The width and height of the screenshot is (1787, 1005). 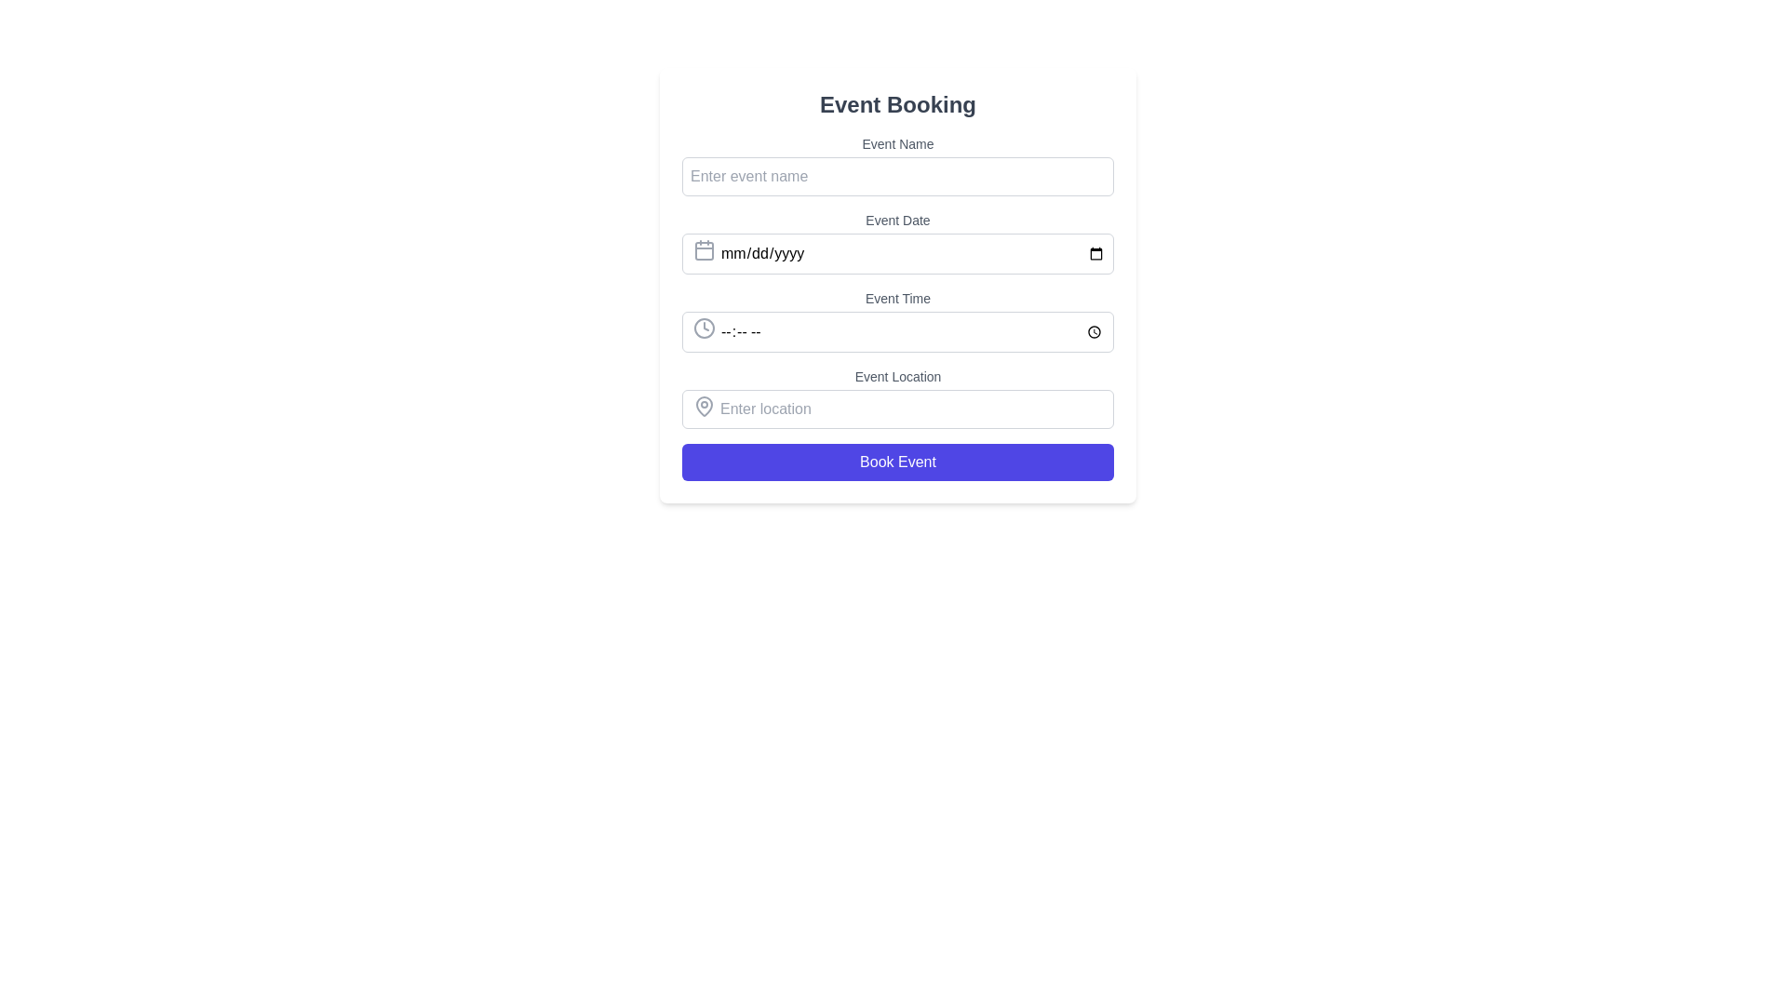 What do you see at coordinates (897, 251) in the screenshot?
I see `the date input field located centrally within the form, which is the second input field from the top, beneath the 'Event Name' field` at bounding box center [897, 251].